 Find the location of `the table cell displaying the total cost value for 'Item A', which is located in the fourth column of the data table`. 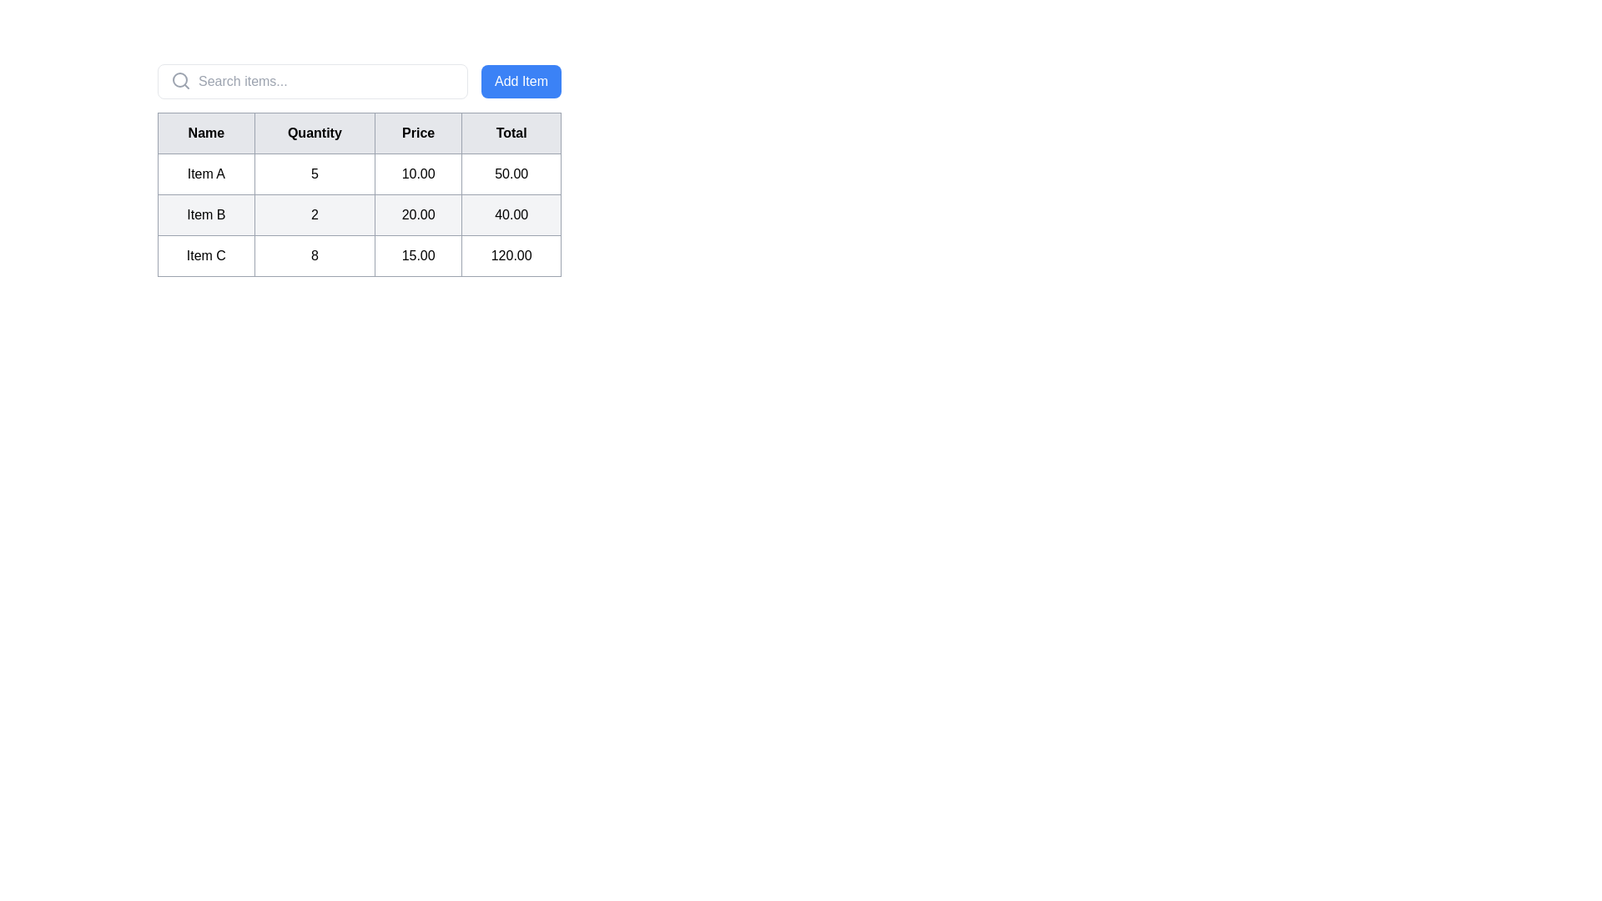

the table cell displaying the total cost value for 'Item A', which is located in the fourth column of the data table is located at coordinates (511, 174).